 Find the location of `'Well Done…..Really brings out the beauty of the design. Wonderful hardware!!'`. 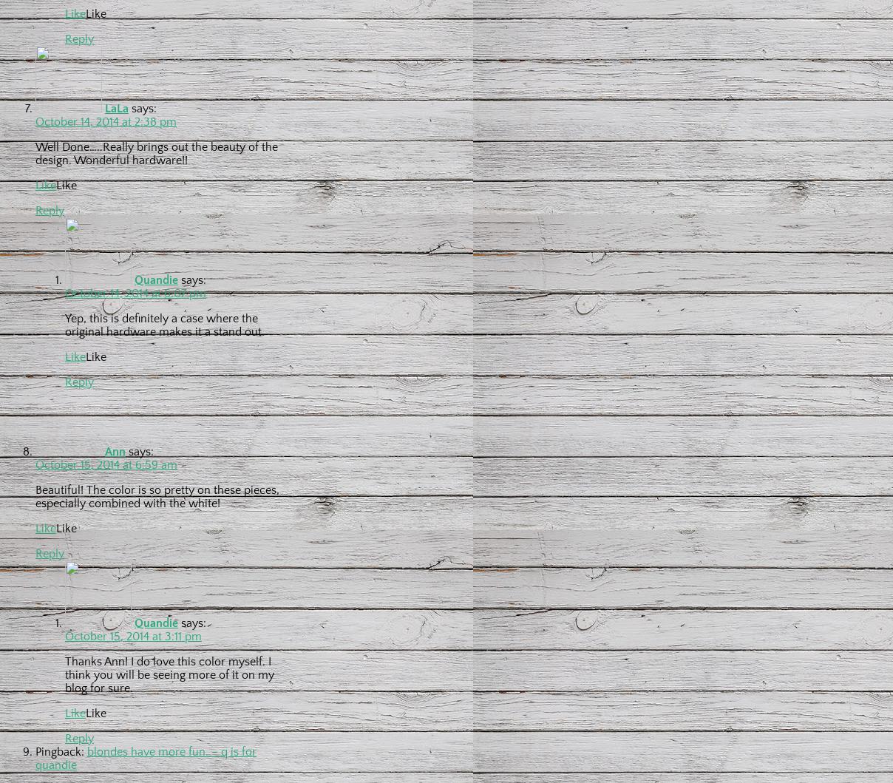

'Well Done…..Really brings out the beauty of the design. Wonderful hardware!!' is located at coordinates (157, 152).